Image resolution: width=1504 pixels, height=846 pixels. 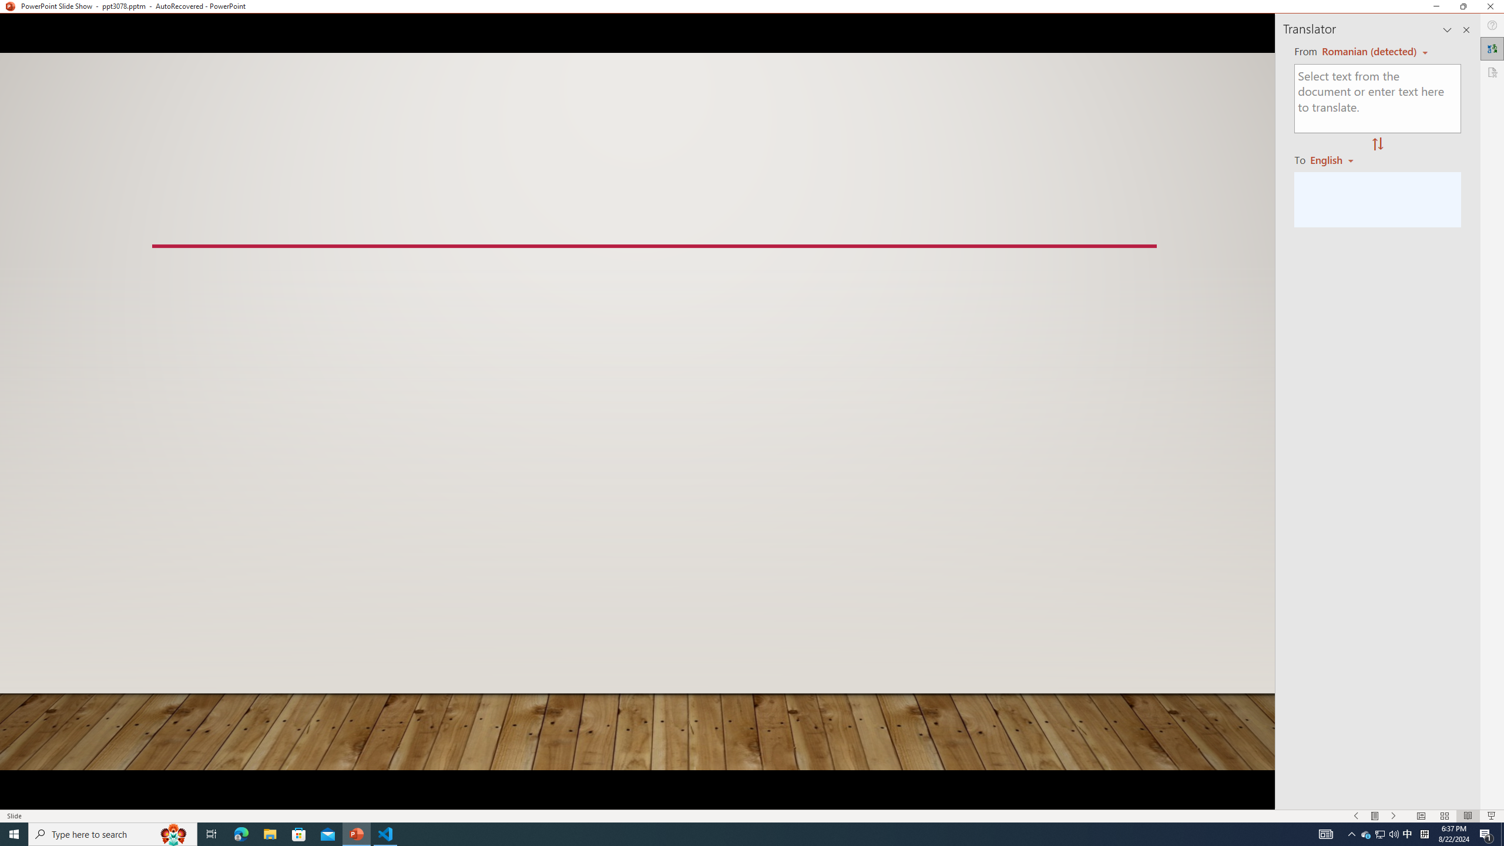 I want to click on 'Reading View', so click(x=1468, y=816).